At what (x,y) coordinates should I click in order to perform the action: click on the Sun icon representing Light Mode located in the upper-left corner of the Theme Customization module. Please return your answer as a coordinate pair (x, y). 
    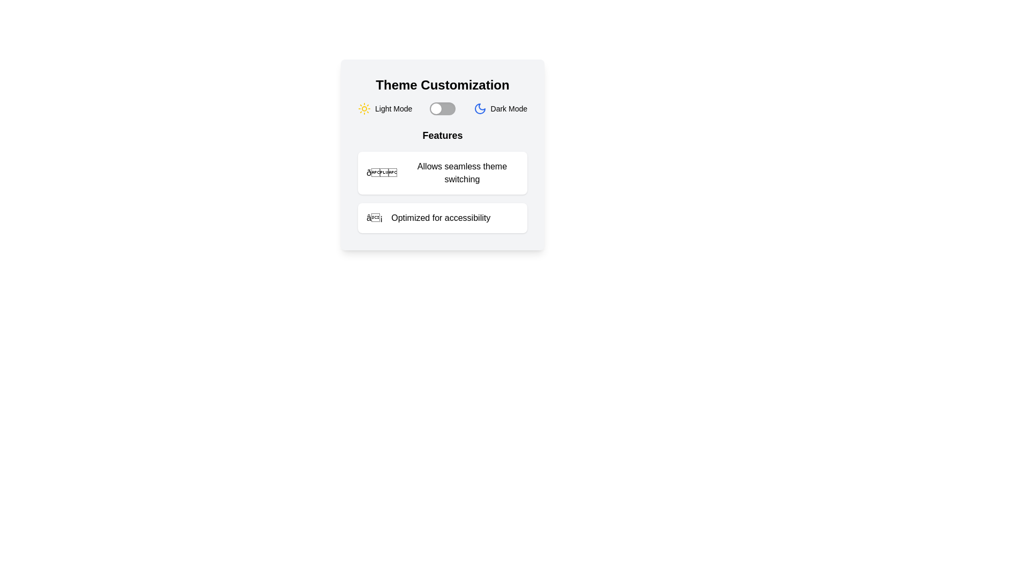
    Looking at the image, I should click on (364, 109).